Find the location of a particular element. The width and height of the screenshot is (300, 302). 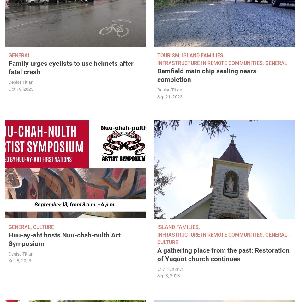

'Eric Plummer' is located at coordinates (170, 269).